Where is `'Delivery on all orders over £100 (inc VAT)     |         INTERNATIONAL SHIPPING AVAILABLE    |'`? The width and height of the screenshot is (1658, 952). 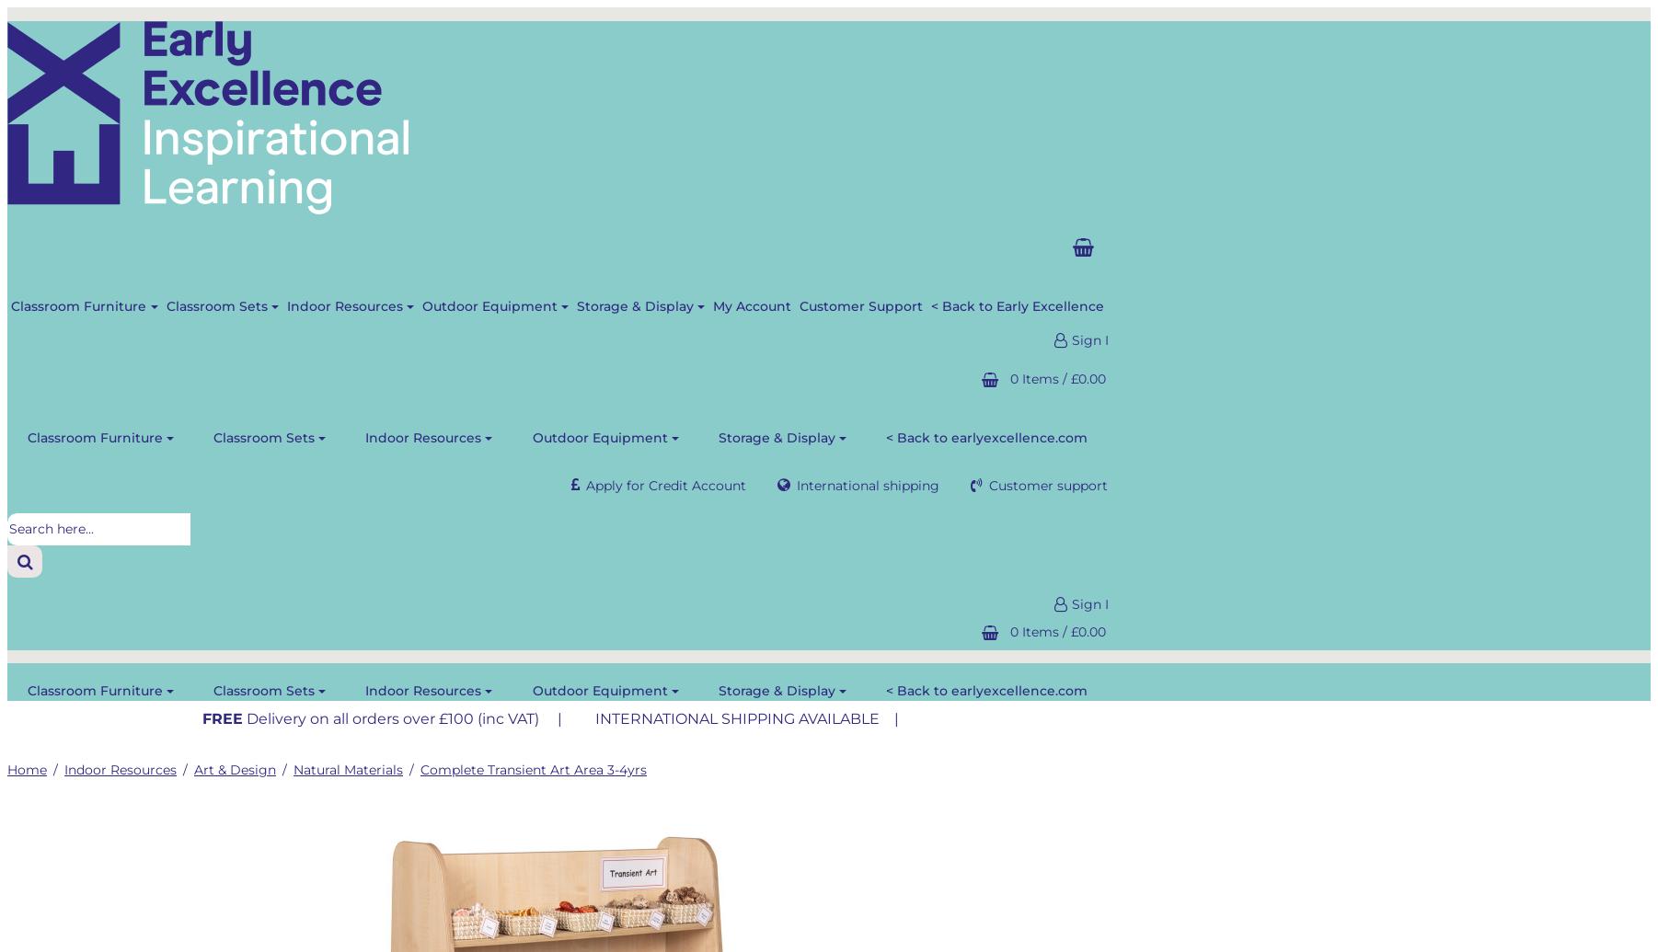 'Delivery on all orders over £100 (inc VAT)     |         INTERNATIONAL SHIPPING AVAILABLE    |' is located at coordinates (572, 717).